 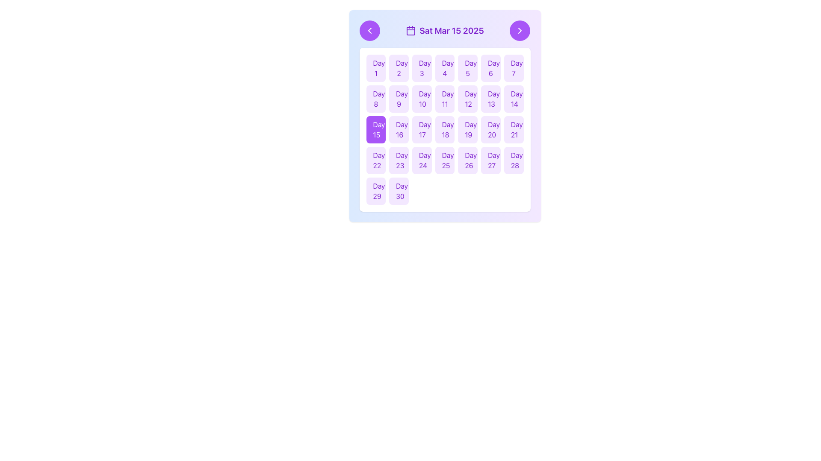 What do you see at coordinates (376, 160) in the screenshot?
I see `the date selection button for 'Day 22' in the calendar grid` at bounding box center [376, 160].